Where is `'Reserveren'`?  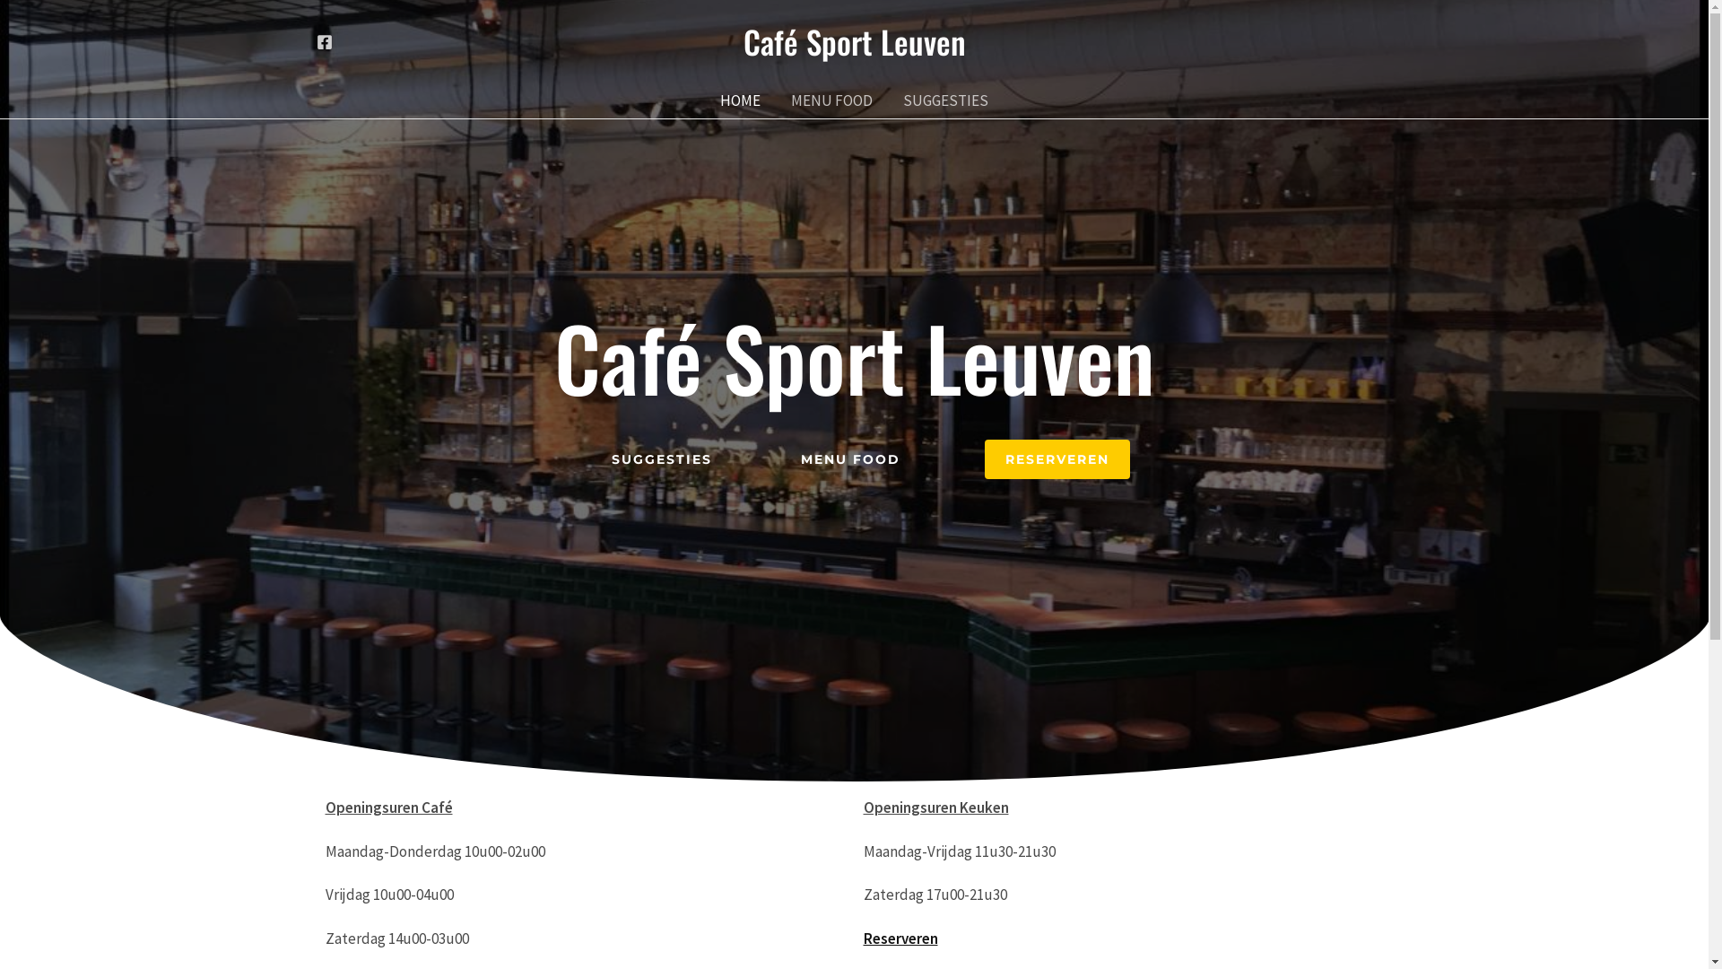
'Reserveren' is located at coordinates (862, 937).